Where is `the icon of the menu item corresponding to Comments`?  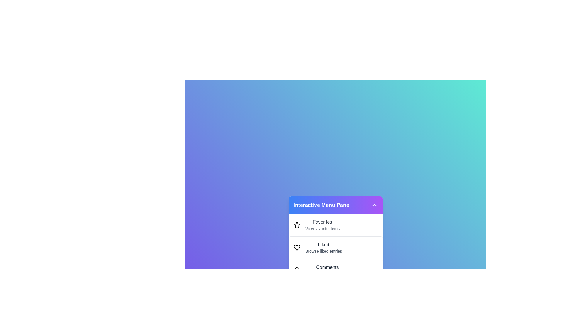
the icon of the menu item corresponding to Comments is located at coordinates (297, 270).